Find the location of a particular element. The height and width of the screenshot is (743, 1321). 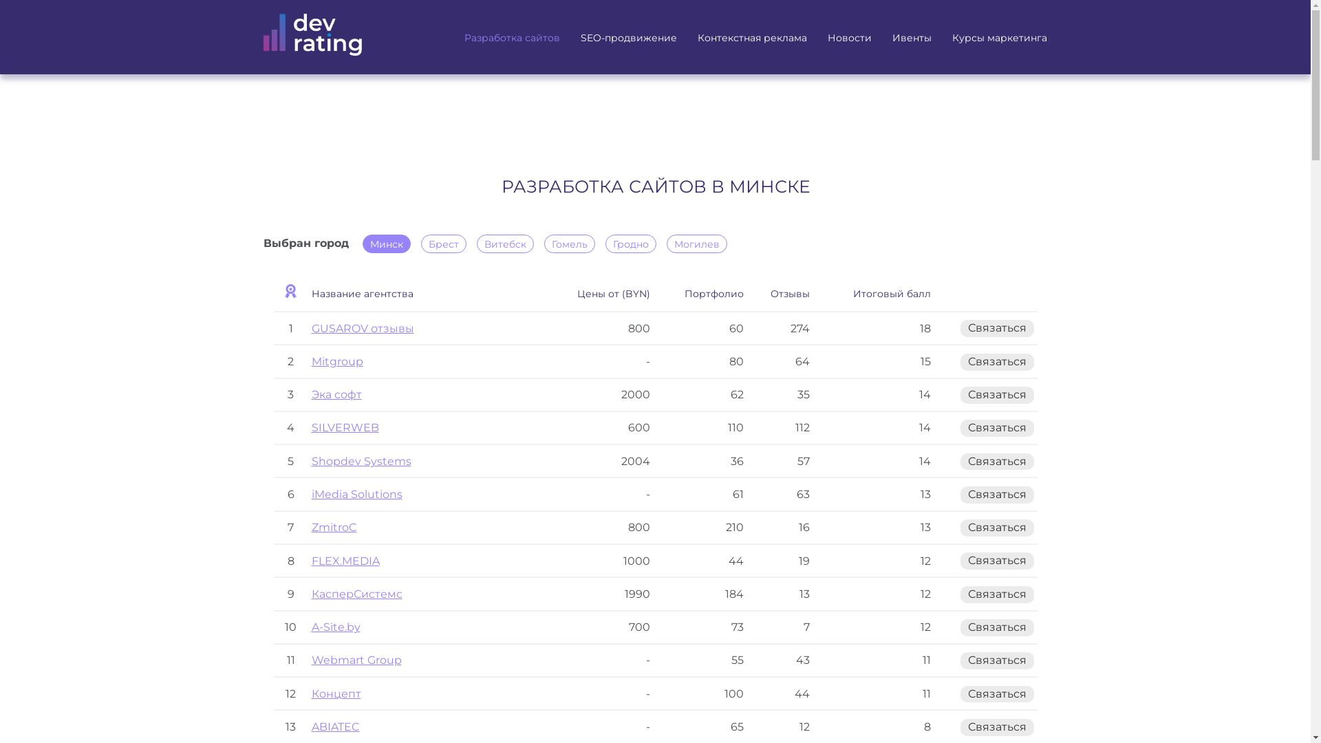

'Shopdev Systems' is located at coordinates (310, 461).